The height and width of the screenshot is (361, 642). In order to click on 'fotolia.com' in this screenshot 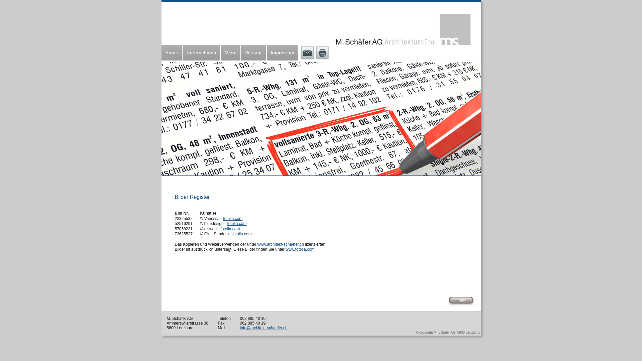, I will do `click(233, 219)`.